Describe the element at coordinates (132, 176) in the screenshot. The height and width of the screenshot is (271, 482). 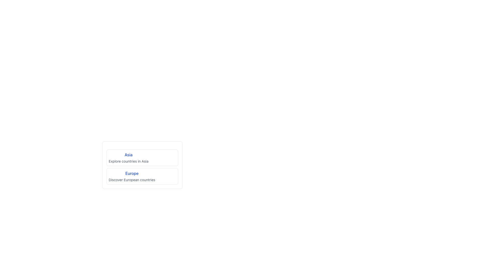
I see `the title 'Europe' in the group consisting of a title and descriptive text` at that location.